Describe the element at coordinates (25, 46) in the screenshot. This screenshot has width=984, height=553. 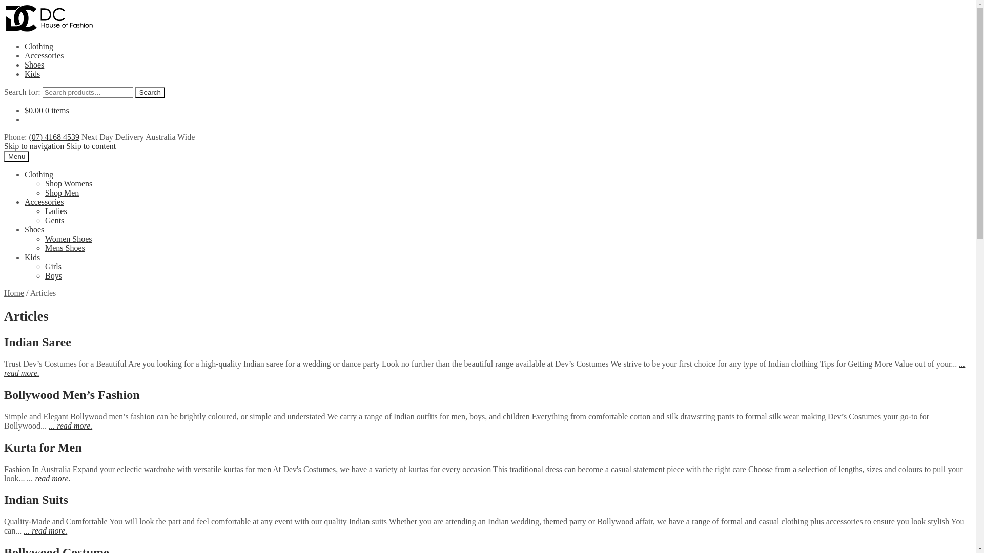
I see `'Clothing'` at that location.